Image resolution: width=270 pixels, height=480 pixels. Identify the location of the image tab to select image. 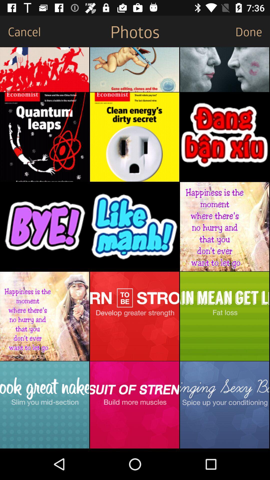
(134, 137).